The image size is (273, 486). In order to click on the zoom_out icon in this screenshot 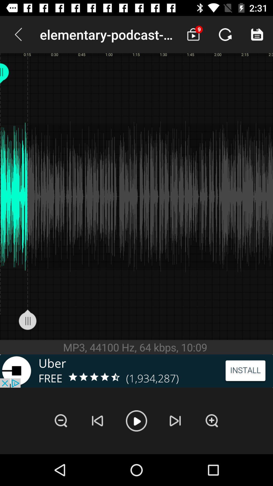, I will do `click(61, 421)`.